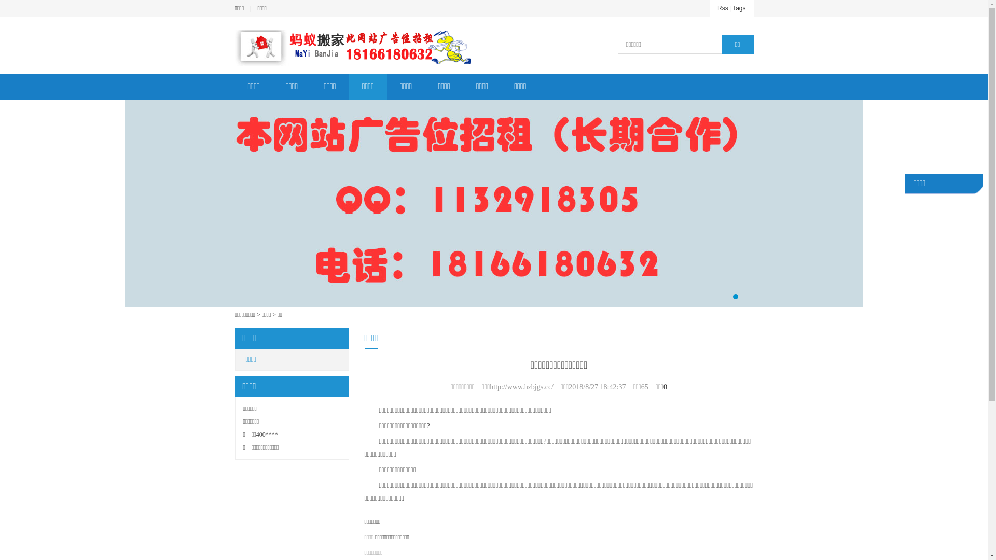 The height and width of the screenshot is (560, 996). I want to click on '1', so click(734, 296).